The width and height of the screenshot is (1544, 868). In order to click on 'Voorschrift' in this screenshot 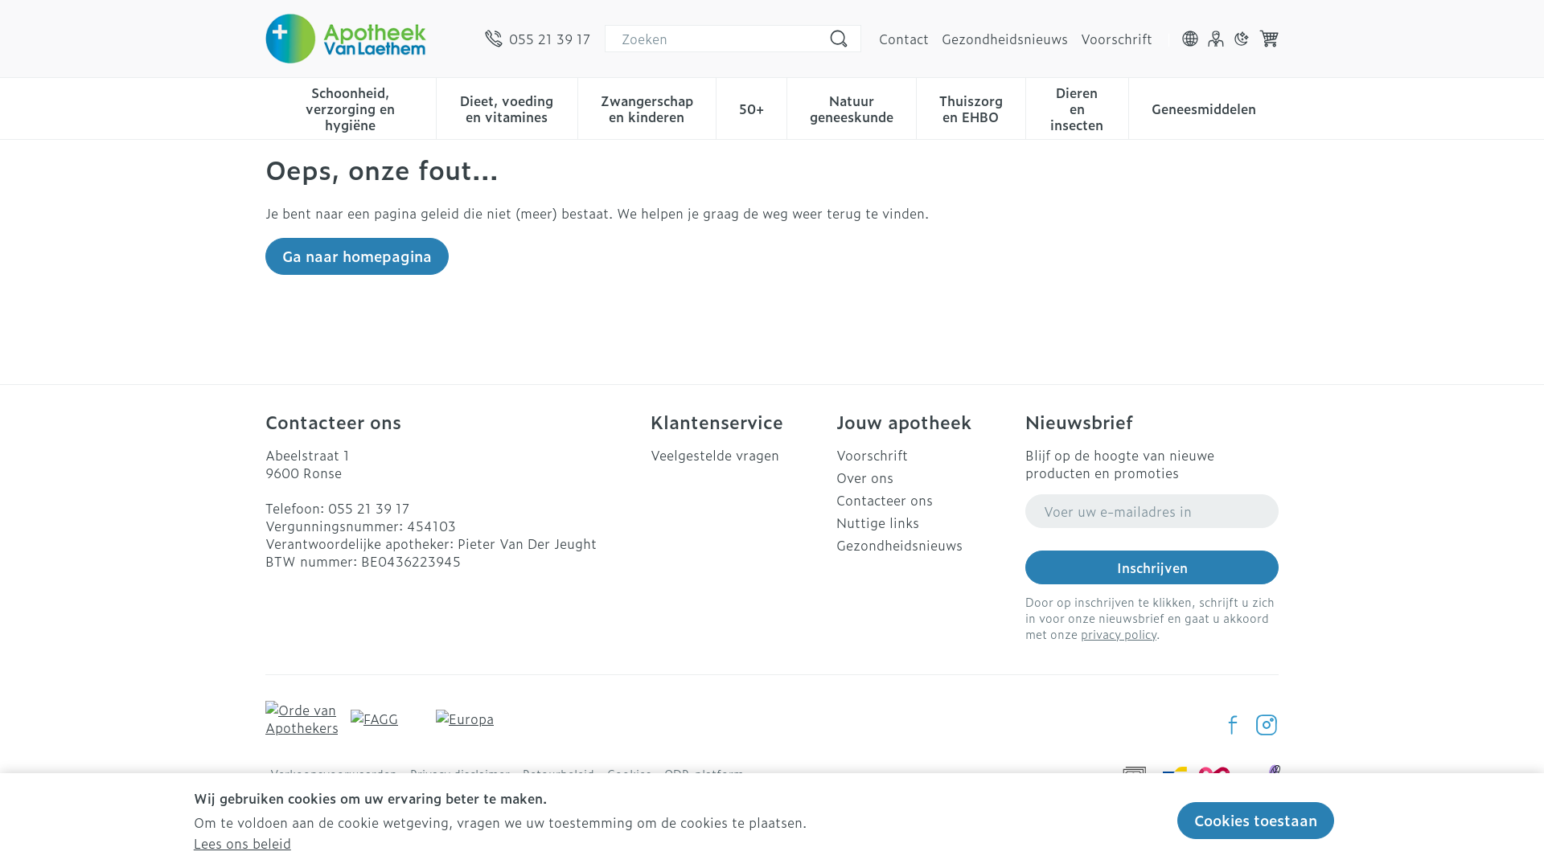, I will do `click(924, 455)`.